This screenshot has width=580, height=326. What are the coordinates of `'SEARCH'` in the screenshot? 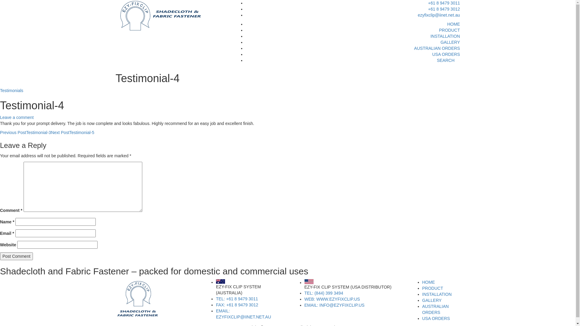 It's located at (437, 60).